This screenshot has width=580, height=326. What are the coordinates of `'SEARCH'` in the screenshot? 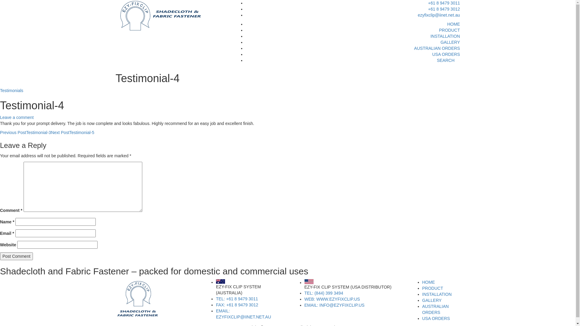 It's located at (437, 60).